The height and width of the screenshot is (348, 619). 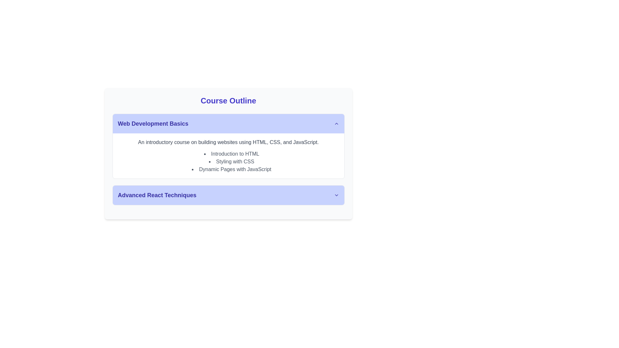 I want to click on the Chevron Arrow icon located at the far right of the 'Web Development Basics' header, so click(x=336, y=124).